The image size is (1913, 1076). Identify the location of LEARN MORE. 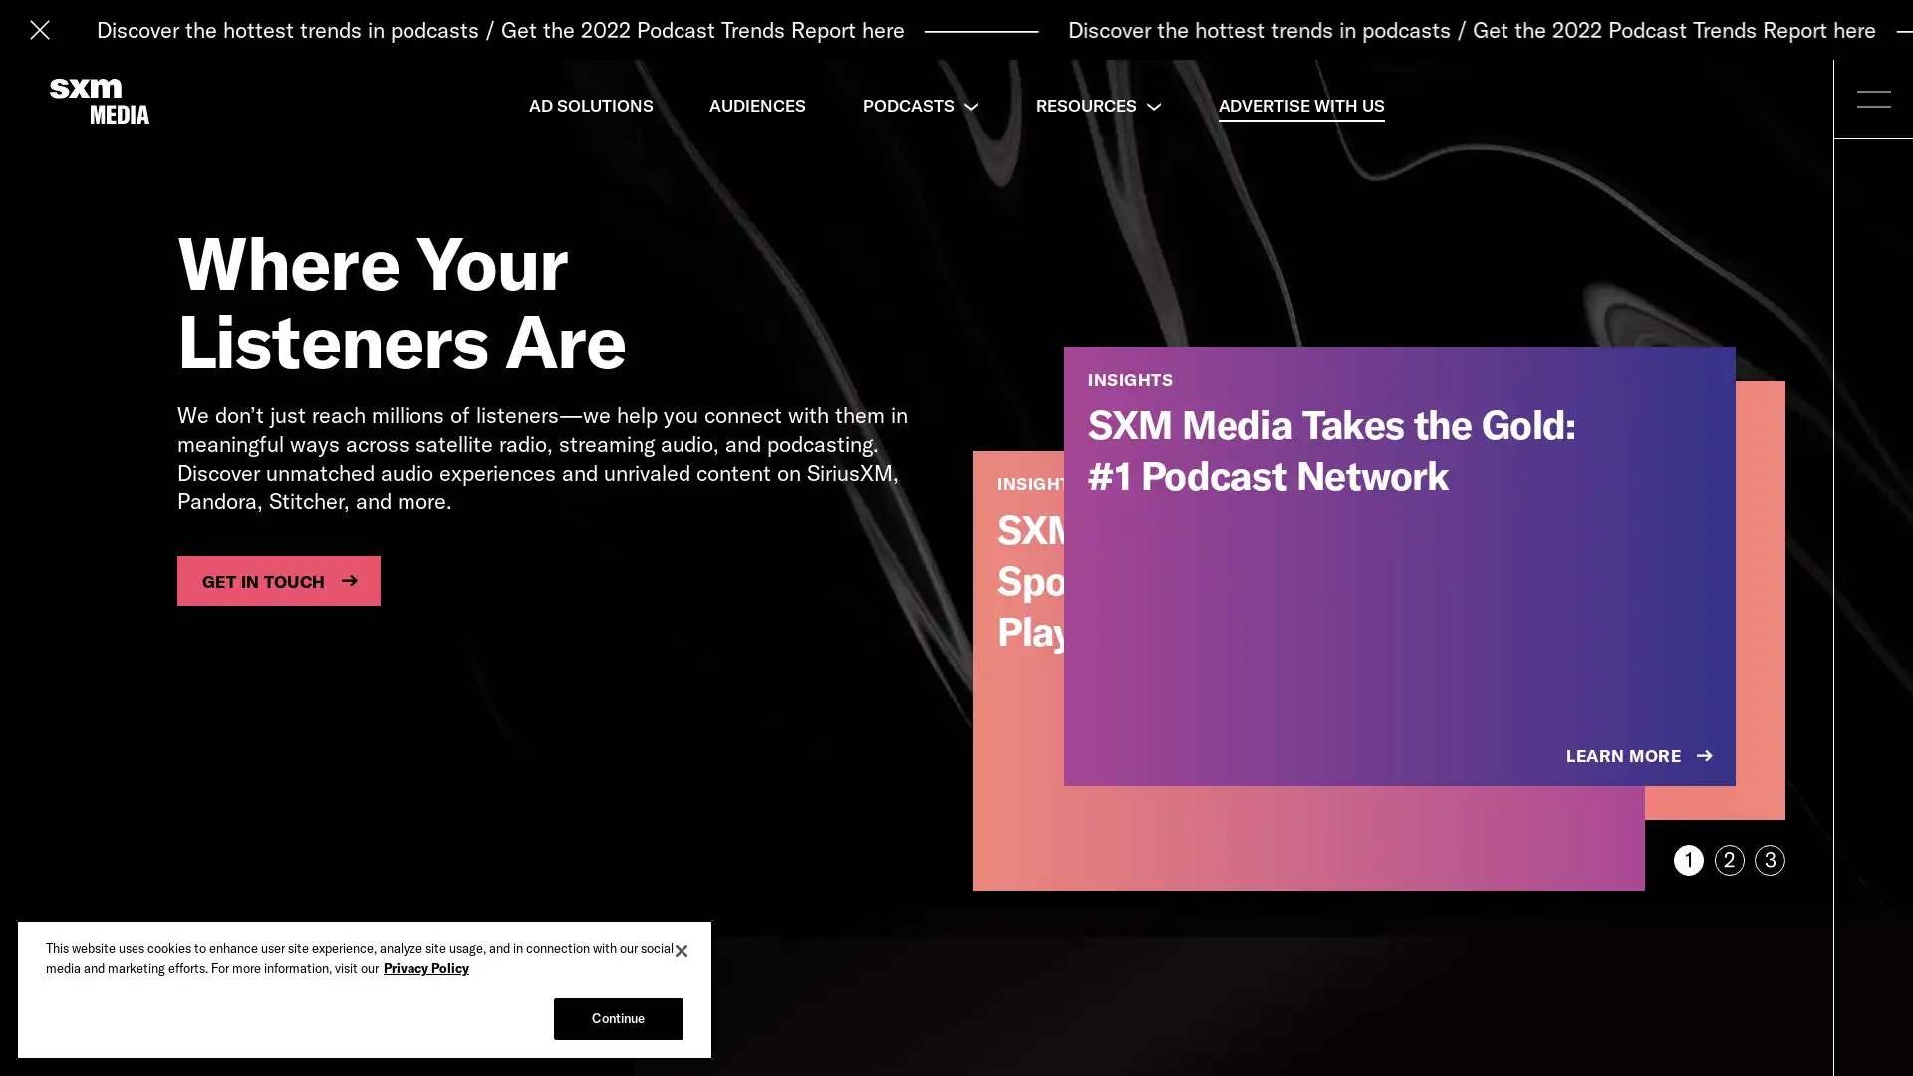
(1641, 756).